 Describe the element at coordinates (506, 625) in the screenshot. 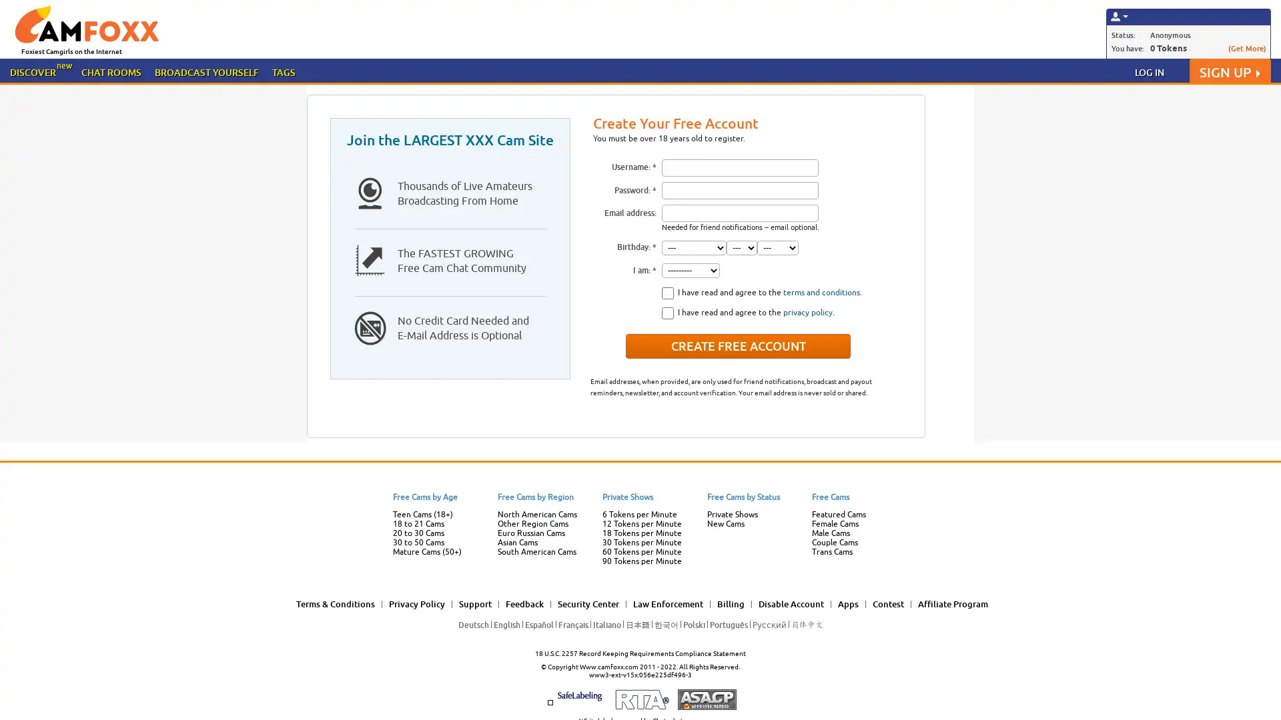

I see `English` at that location.